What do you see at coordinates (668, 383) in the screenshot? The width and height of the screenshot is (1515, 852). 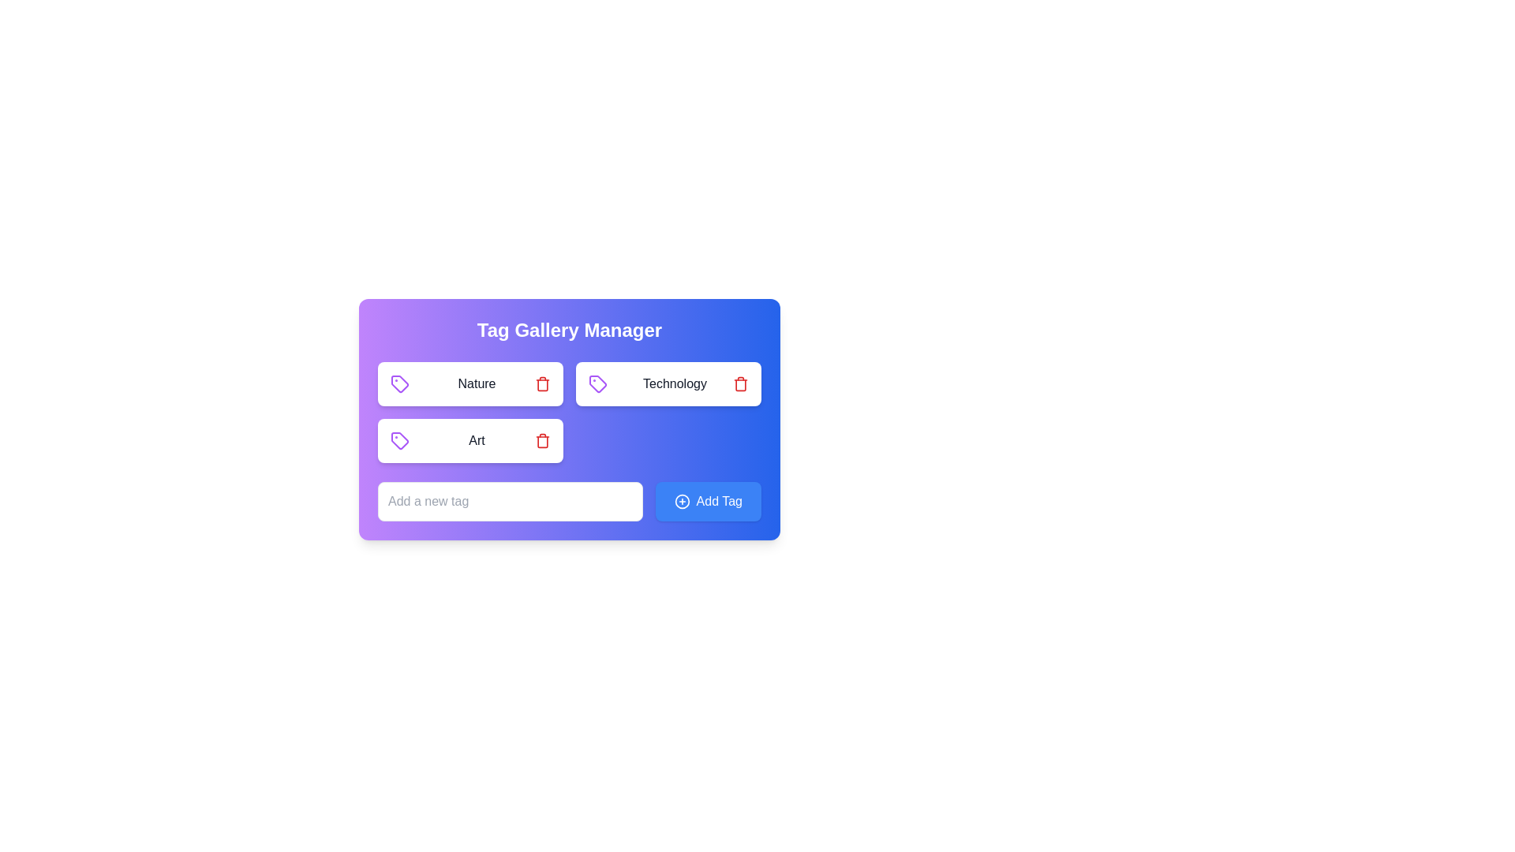 I see `the details of the 'Technology' card, which is located in the second column of the grid layout, directly to the right of the 'Nature' card and above the 'Art' card` at bounding box center [668, 383].